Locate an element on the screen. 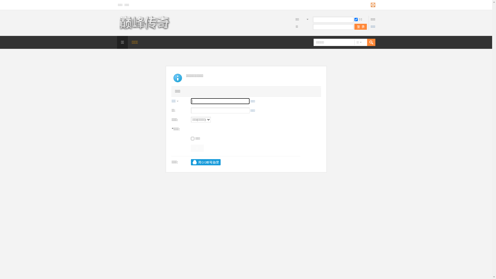  '    ' is located at coordinates (360, 27).